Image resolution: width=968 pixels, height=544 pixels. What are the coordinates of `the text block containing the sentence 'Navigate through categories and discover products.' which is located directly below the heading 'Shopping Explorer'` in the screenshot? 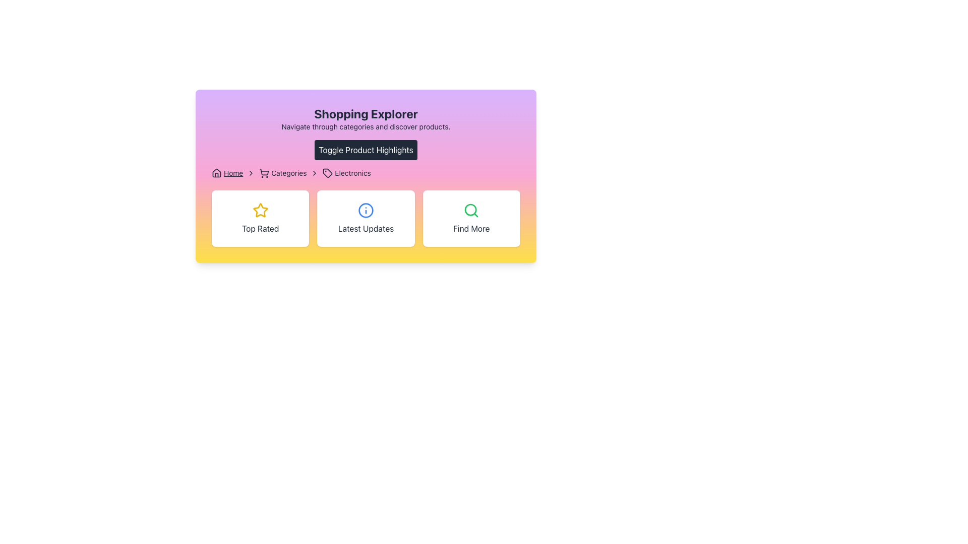 It's located at (365, 126).